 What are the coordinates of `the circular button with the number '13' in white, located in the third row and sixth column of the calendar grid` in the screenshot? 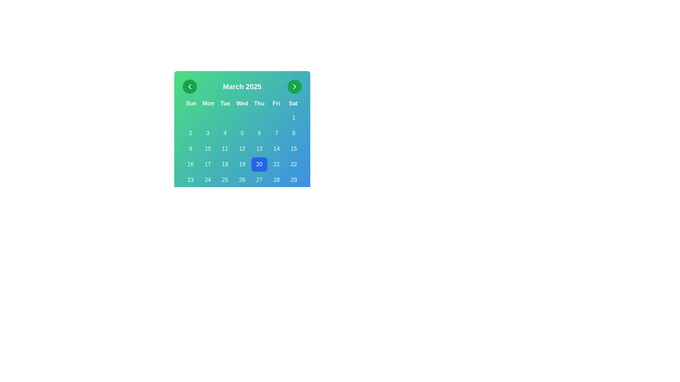 It's located at (259, 148).